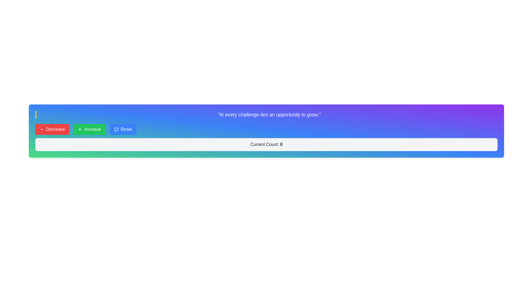  I want to click on the reset button located in a row of three buttons, positioned to the right of the 'Increase' button and to the far right of the 'Decrease' button, to reset the current count or context to its initial state, so click(123, 129).